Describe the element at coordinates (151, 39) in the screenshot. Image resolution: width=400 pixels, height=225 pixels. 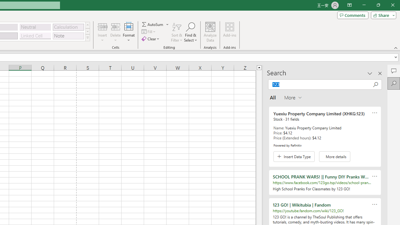
I see `'Clear'` at that location.